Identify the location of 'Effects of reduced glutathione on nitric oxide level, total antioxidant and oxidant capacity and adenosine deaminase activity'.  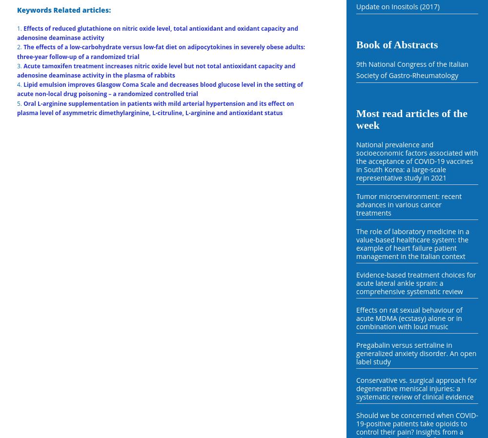
(157, 32).